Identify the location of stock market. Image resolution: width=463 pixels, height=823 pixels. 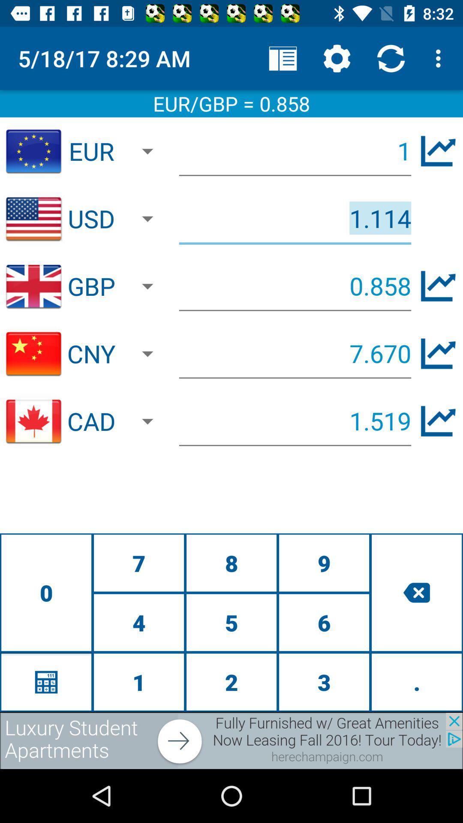
(438, 151).